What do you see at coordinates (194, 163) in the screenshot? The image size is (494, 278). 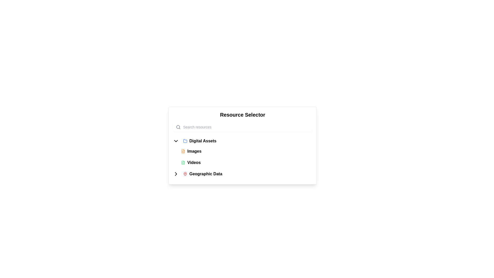 I see `the 'Videos' label within the 'Resource Selector' panel, which is the second item under the 'Digital Assets' dropdown` at bounding box center [194, 163].